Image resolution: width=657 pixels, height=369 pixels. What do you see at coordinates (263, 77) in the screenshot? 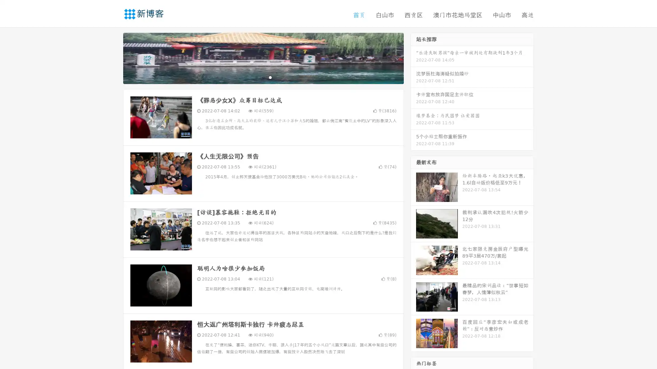
I see `Go to slide 2` at bounding box center [263, 77].